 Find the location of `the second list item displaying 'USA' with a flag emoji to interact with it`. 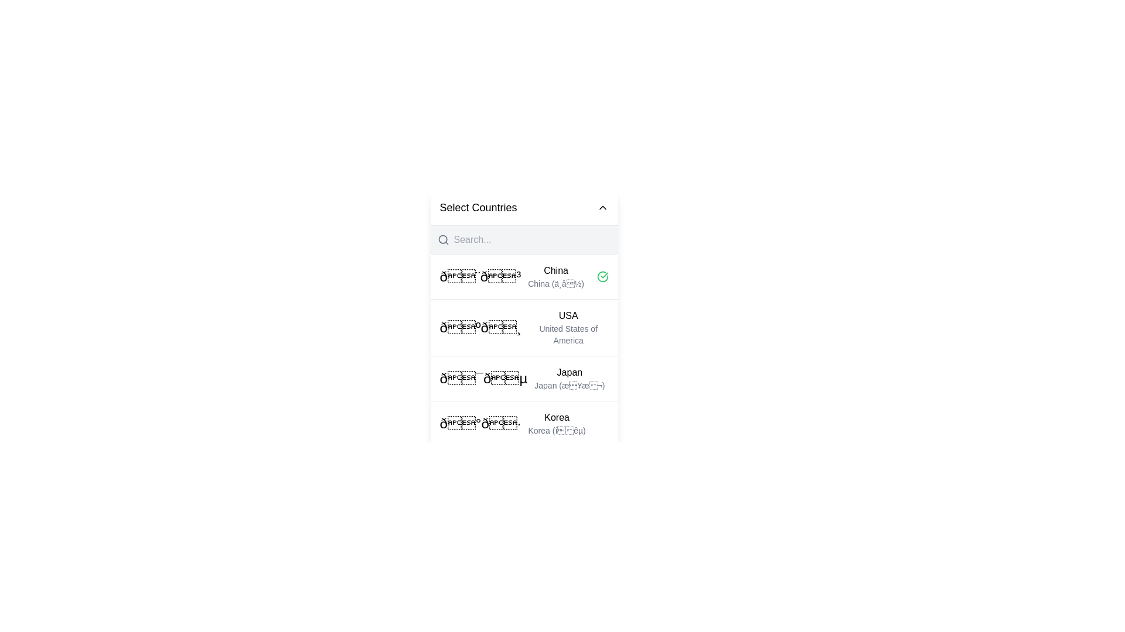

the second list item displaying 'USA' with a flag emoji to interact with it is located at coordinates (523, 349).